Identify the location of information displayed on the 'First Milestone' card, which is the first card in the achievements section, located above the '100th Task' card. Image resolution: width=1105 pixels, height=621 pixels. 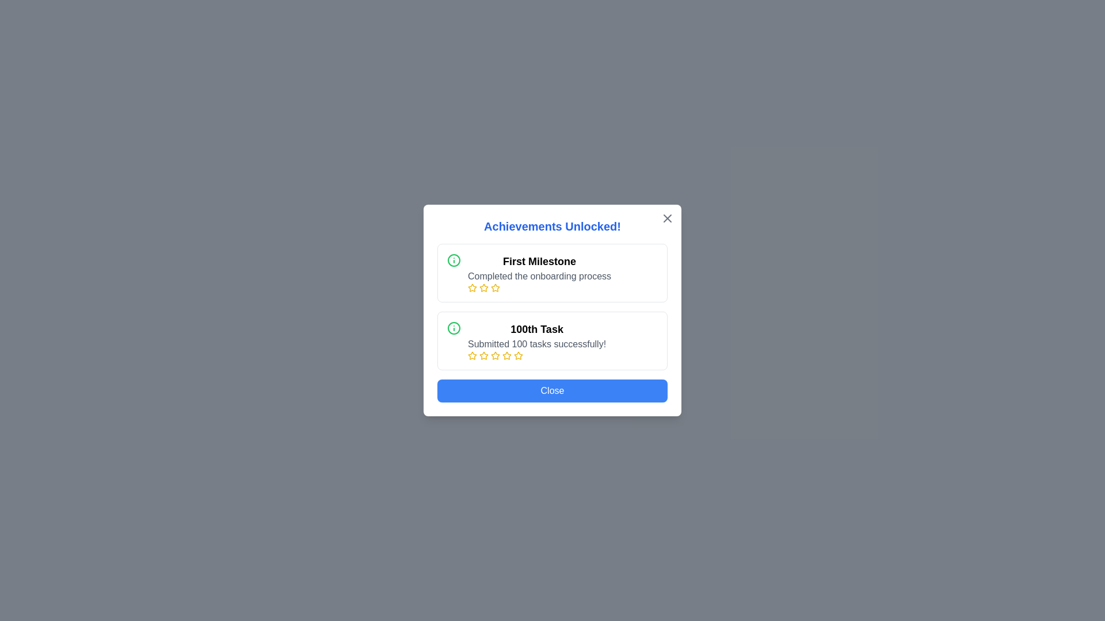
(552, 273).